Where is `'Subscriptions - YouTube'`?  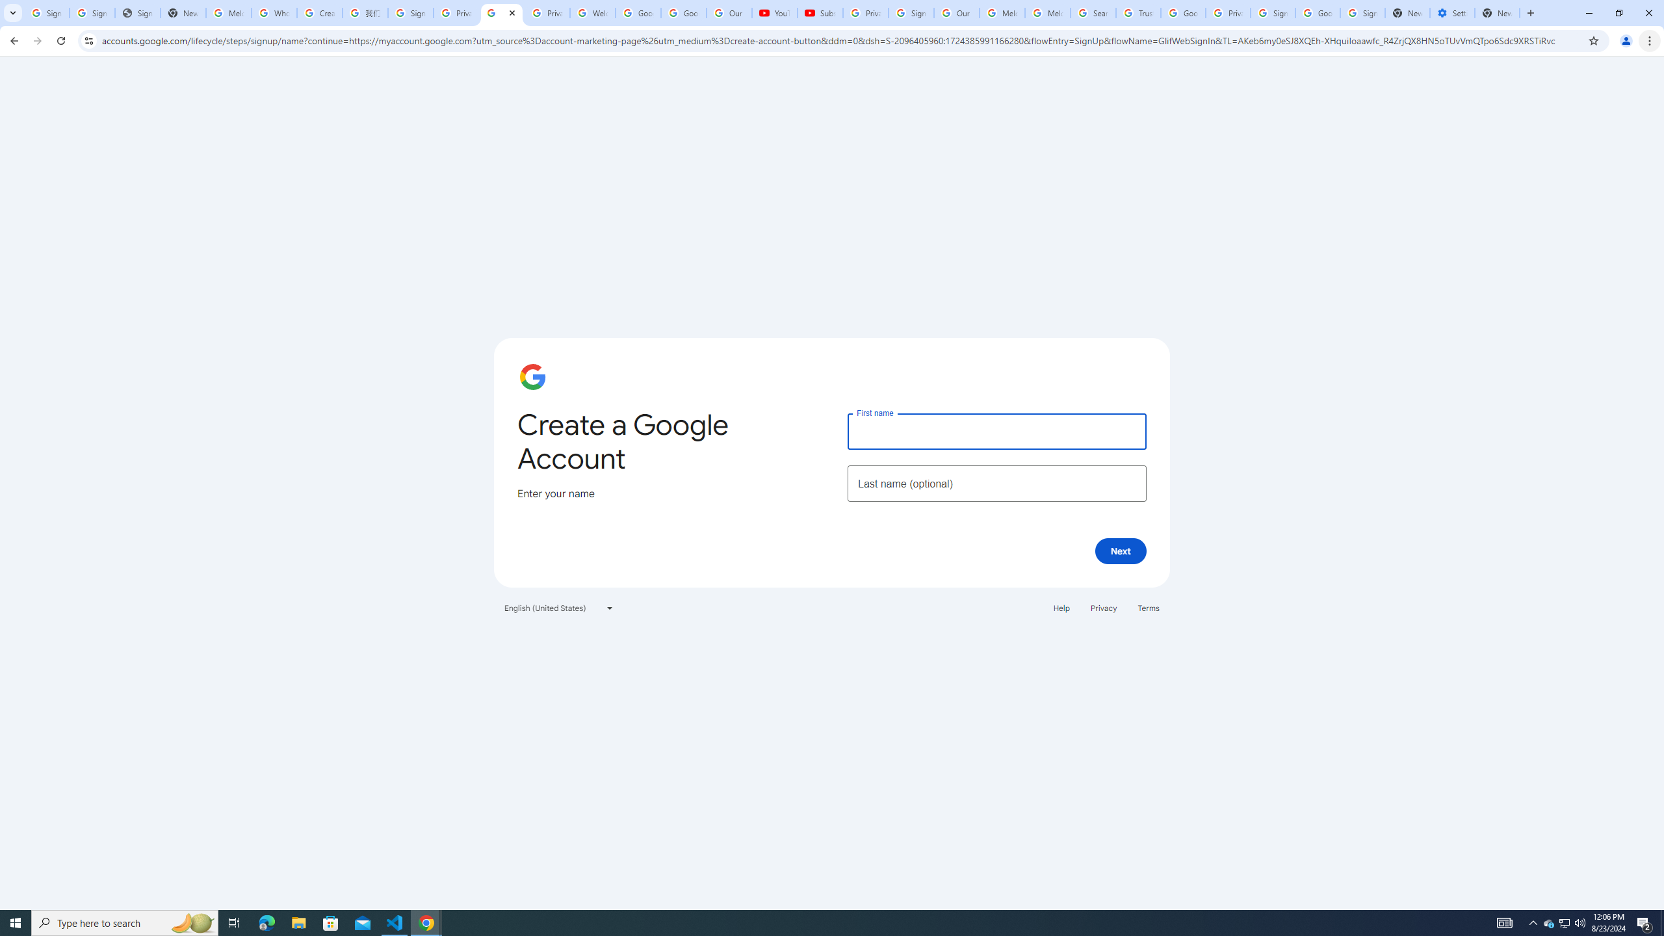 'Subscriptions - YouTube' is located at coordinates (820, 12).